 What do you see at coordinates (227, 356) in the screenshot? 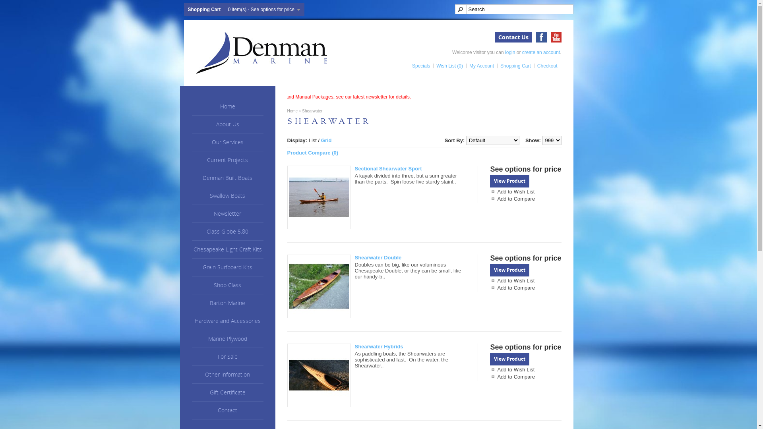
I see `'For Sale'` at bounding box center [227, 356].